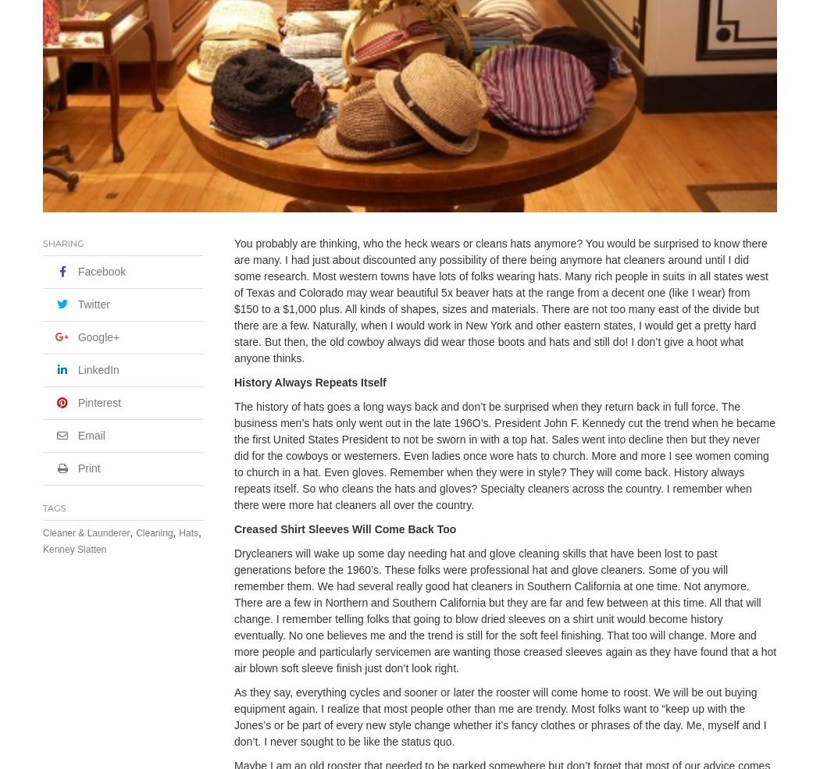 The height and width of the screenshot is (769, 820). Describe the element at coordinates (98, 403) in the screenshot. I see `'Pinterest'` at that location.